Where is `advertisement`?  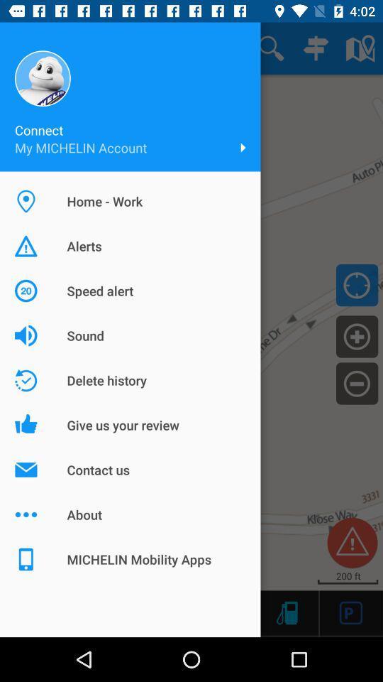 advertisement is located at coordinates (350, 612).